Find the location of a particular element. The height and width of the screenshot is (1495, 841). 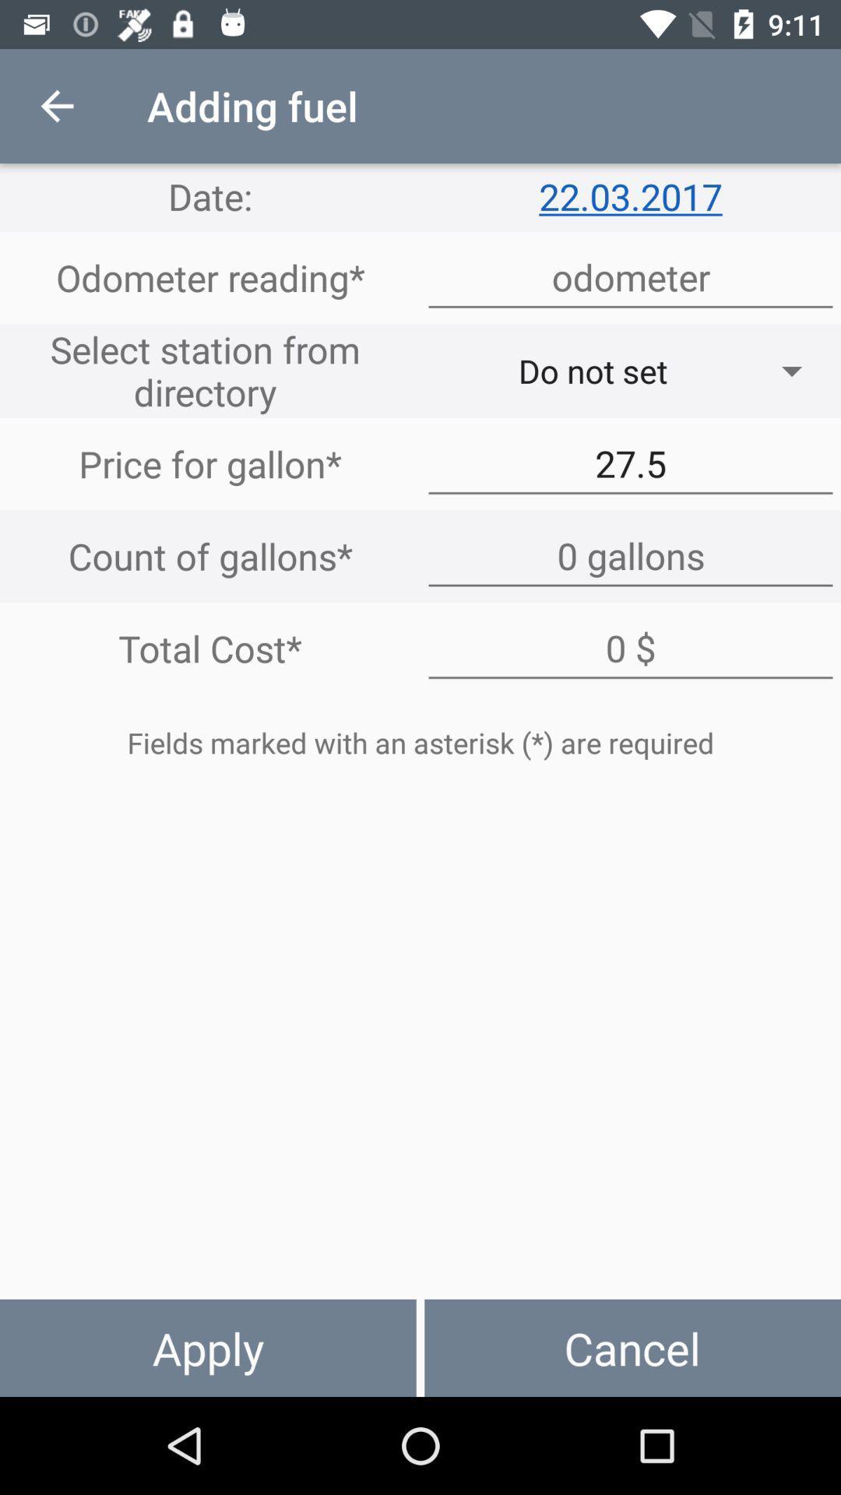

odometer entry is located at coordinates (631, 277).